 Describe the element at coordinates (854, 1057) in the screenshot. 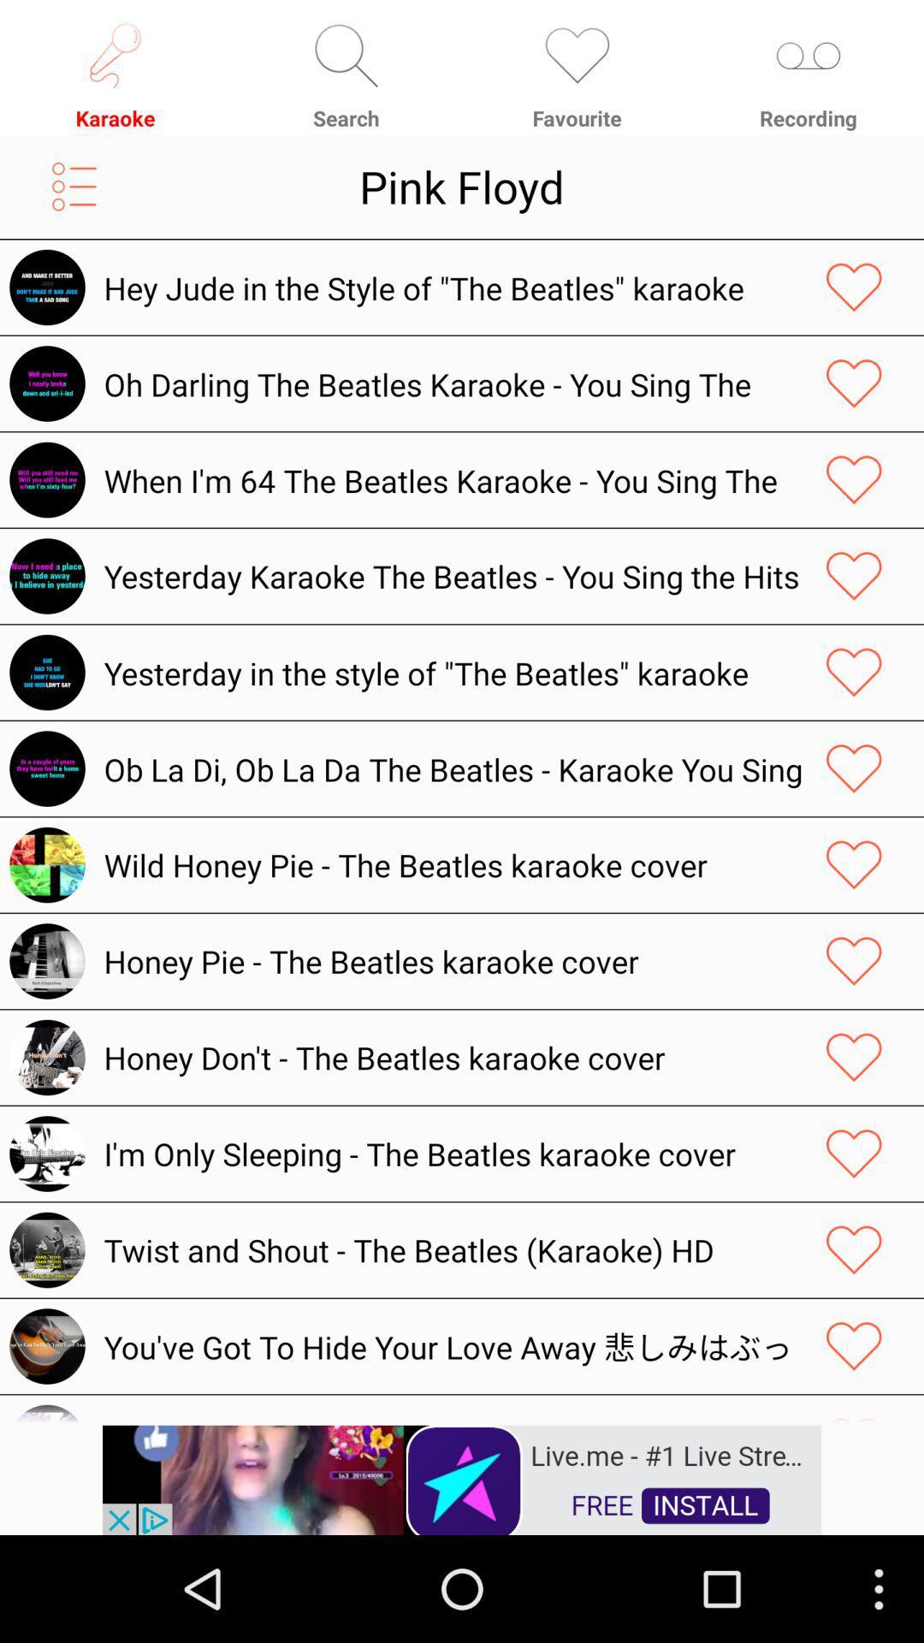

I see `love track` at that location.